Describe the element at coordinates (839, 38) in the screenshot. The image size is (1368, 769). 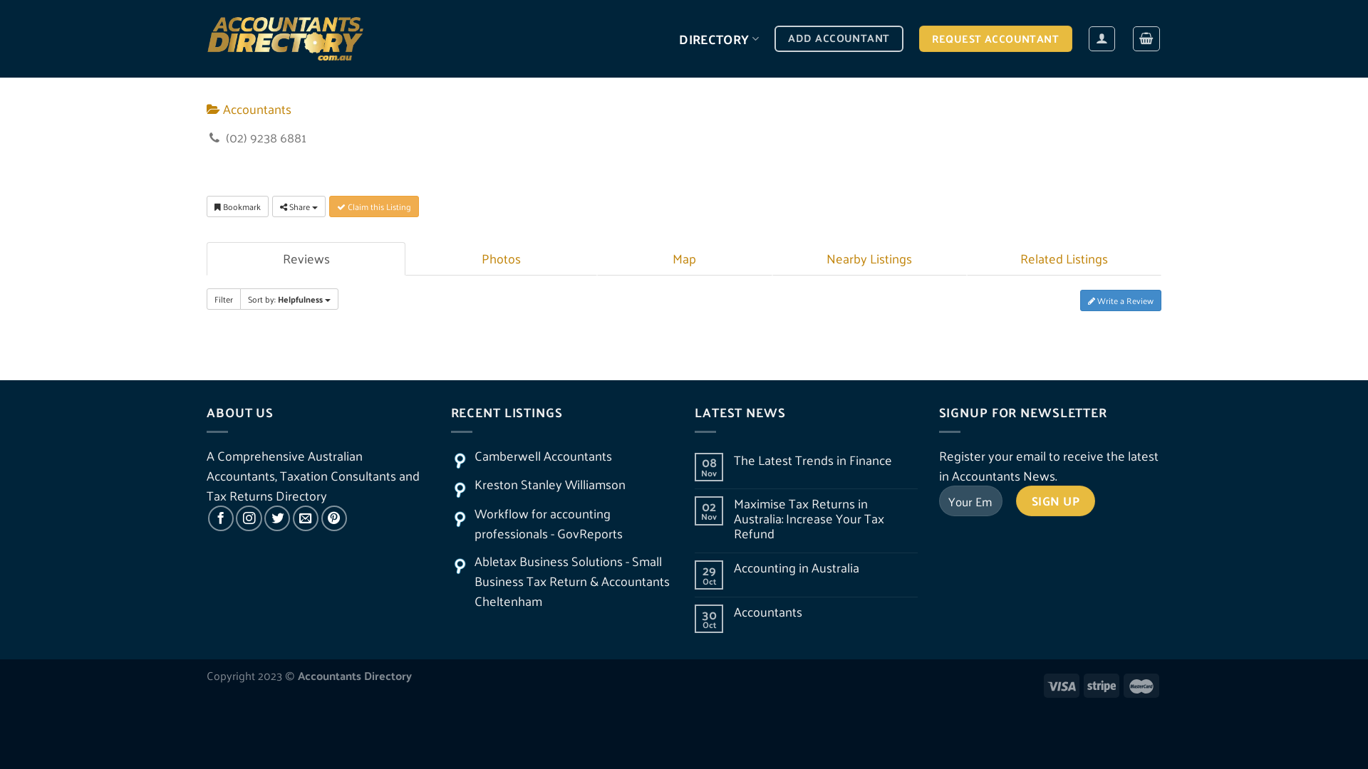
I see `'ADD ACCOUNTANT'` at that location.